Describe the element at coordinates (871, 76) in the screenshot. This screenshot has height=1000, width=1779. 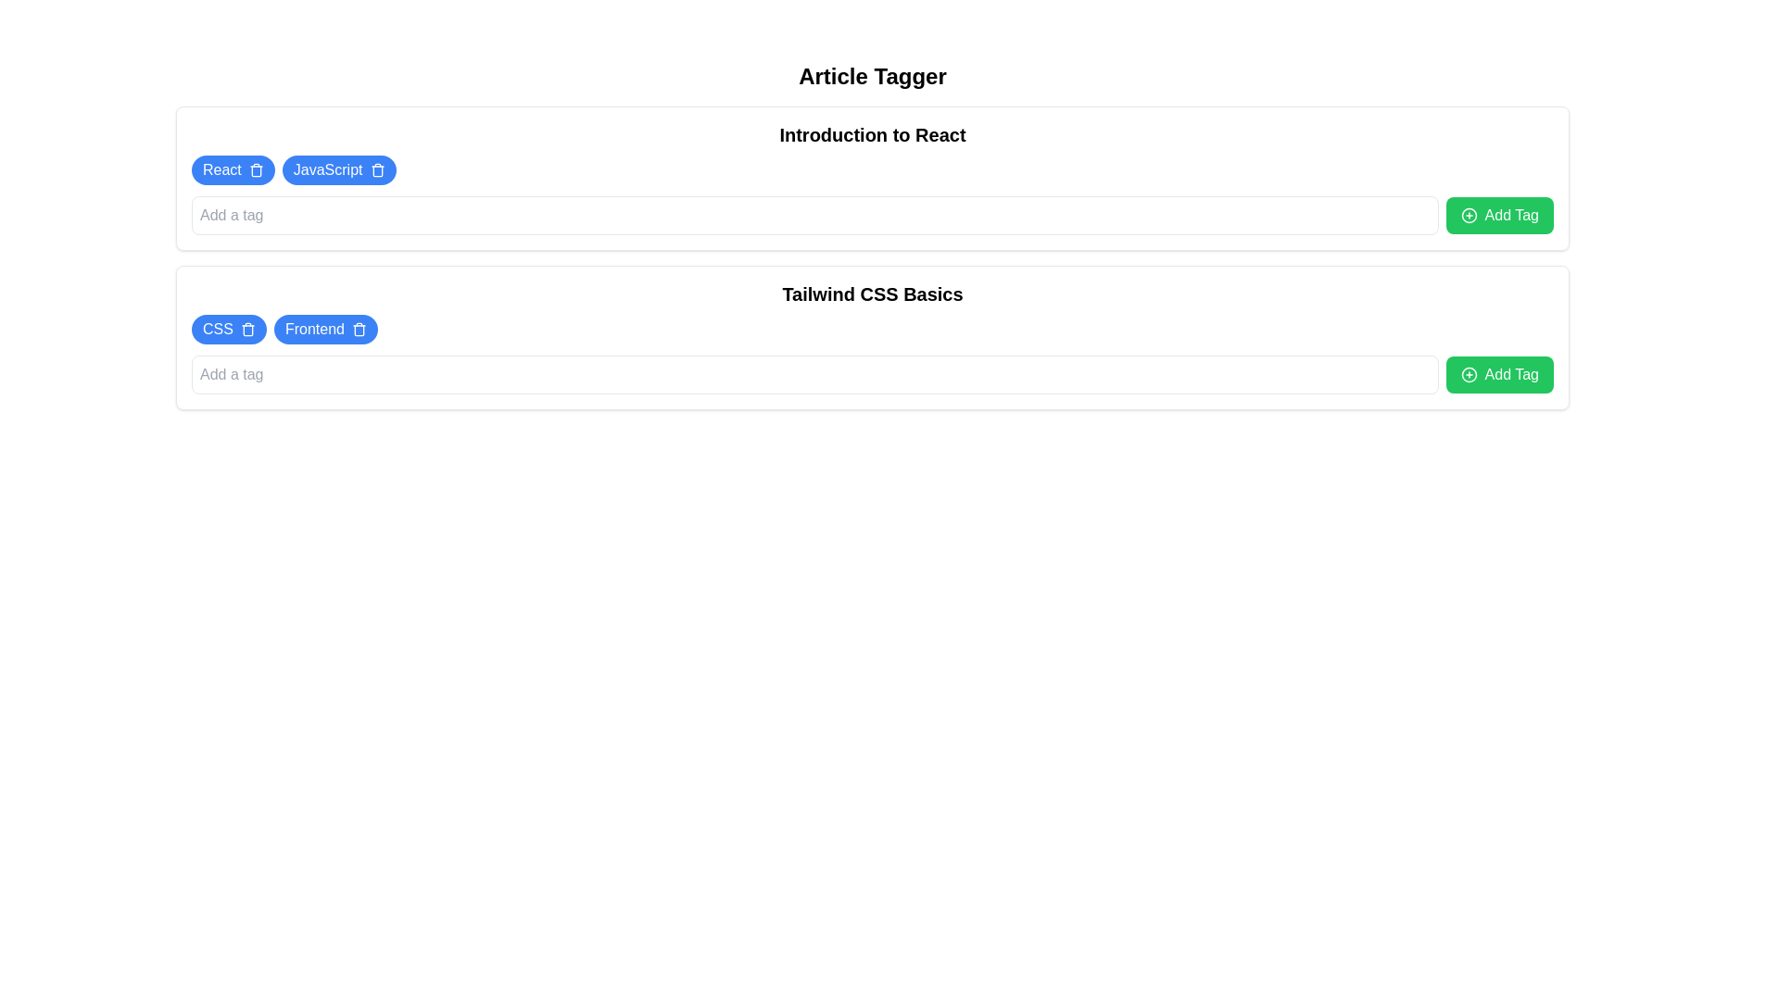
I see `the 'Article Tagger' text label, which is a bold and larger font title located at the top center of the interface` at that location.